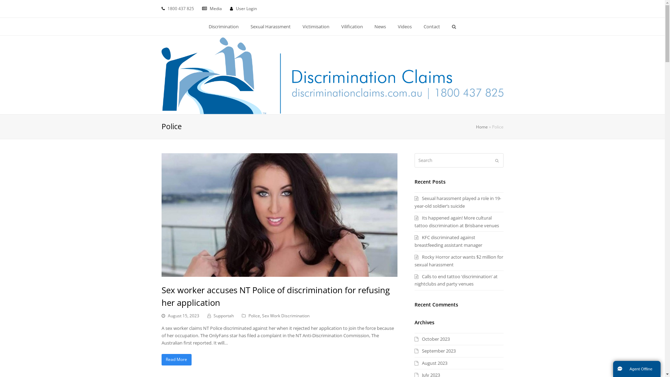 The height and width of the screenshot is (377, 670). What do you see at coordinates (224, 26) in the screenshot?
I see `'Discrimination'` at bounding box center [224, 26].